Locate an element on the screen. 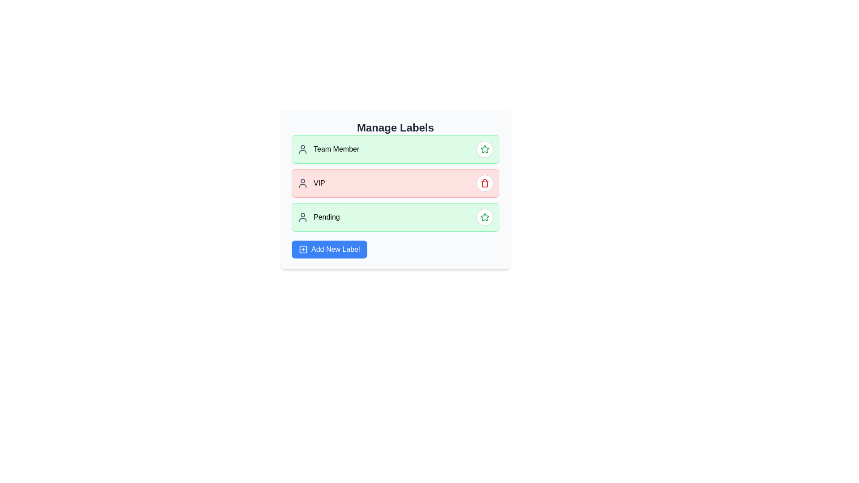  the Iconic graphical component of the 'Add New Label' button, which is a 24x24 SVG icon located at the left end of the button is located at coordinates (303, 250).